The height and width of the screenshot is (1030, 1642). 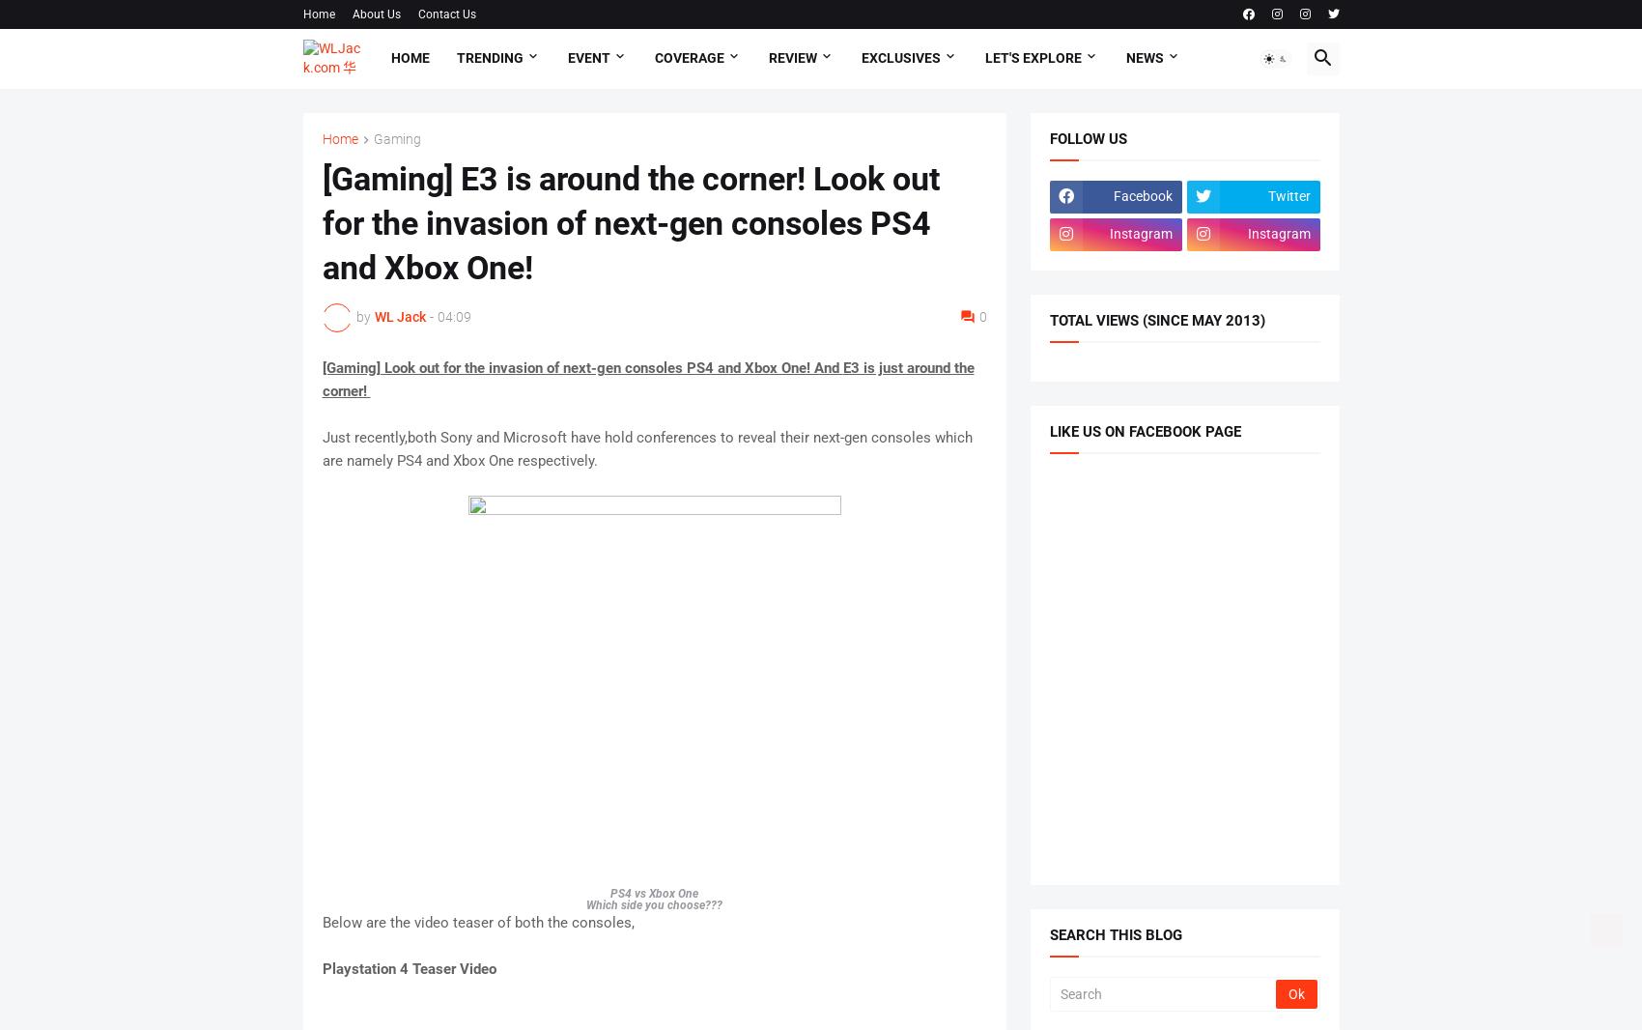 I want to click on 'Which side you choose???', so click(x=654, y=903).